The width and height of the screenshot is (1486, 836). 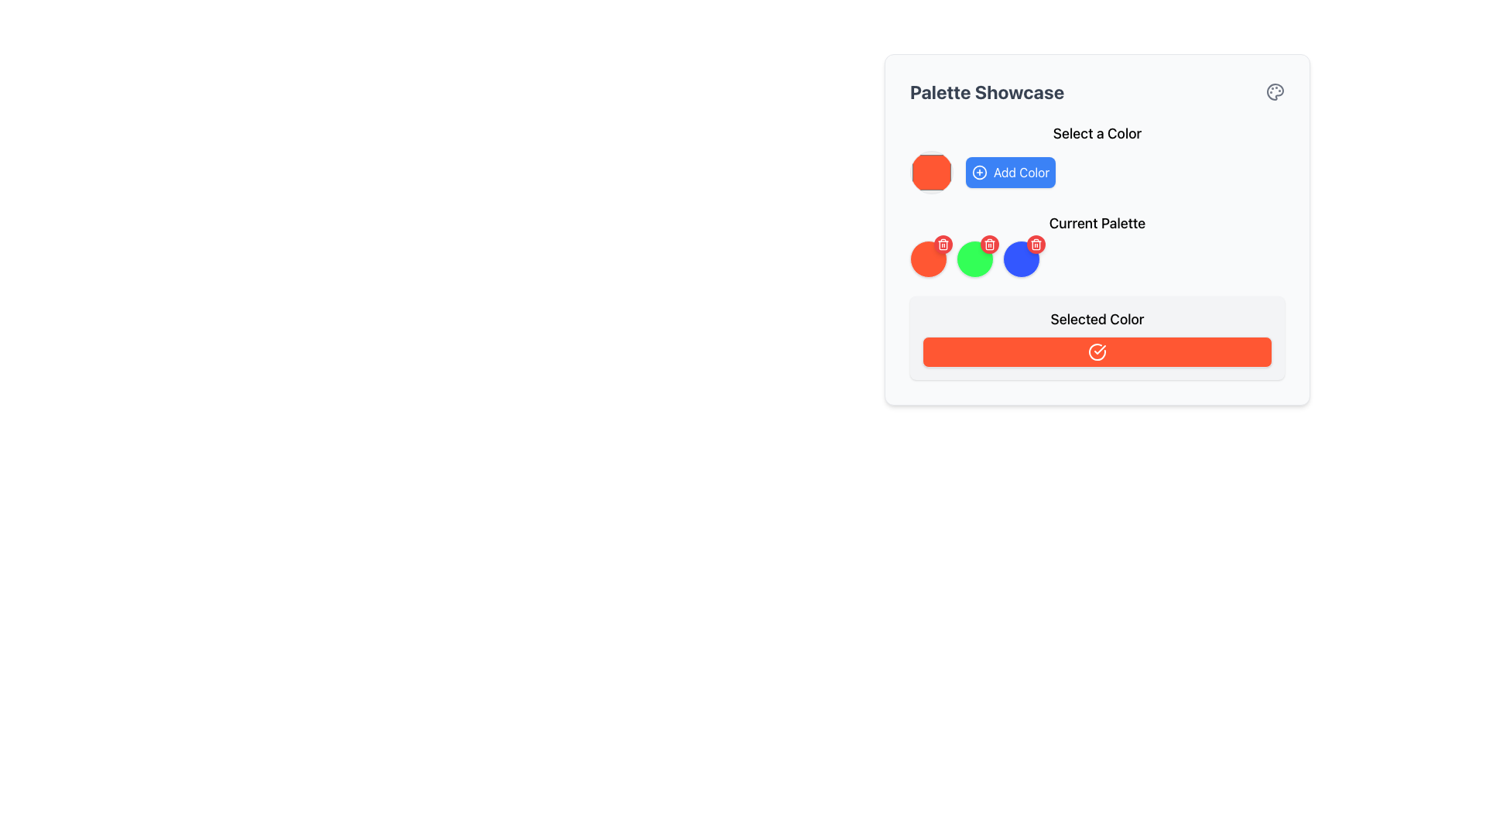 What do you see at coordinates (931, 173) in the screenshot?
I see `the Circular color option selector for keyboard navigation` at bounding box center [931, 173].